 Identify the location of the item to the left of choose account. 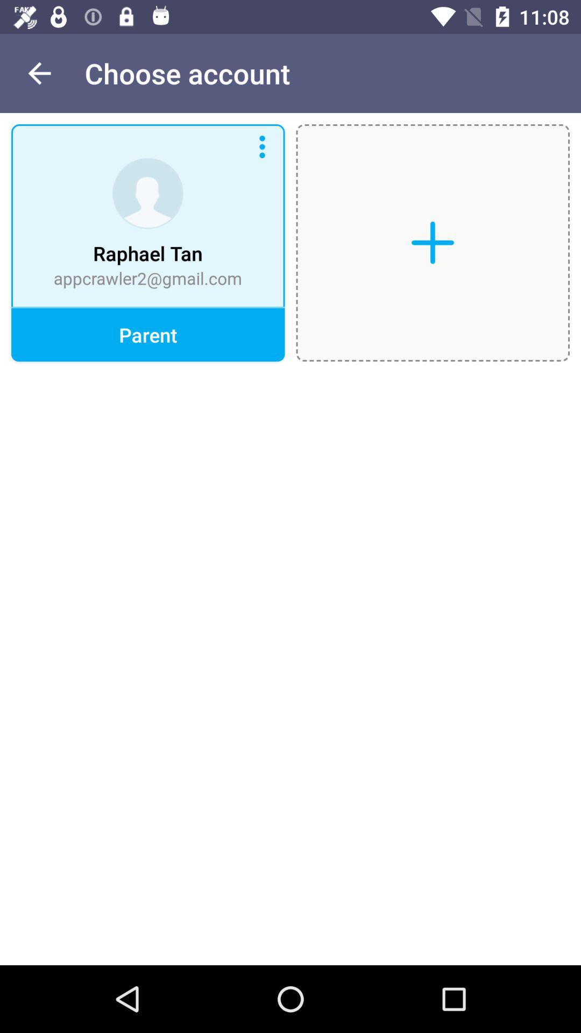
(39, 73).